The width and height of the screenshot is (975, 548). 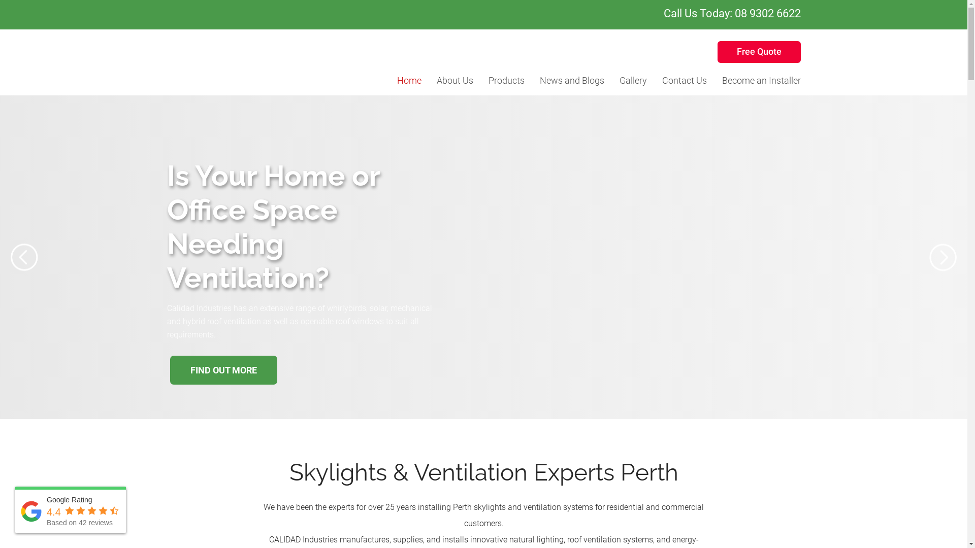 What do you see at coordinates (758, 52) in the screenshot?
I see `'Free Quote'` at bounding box center [758, 52].